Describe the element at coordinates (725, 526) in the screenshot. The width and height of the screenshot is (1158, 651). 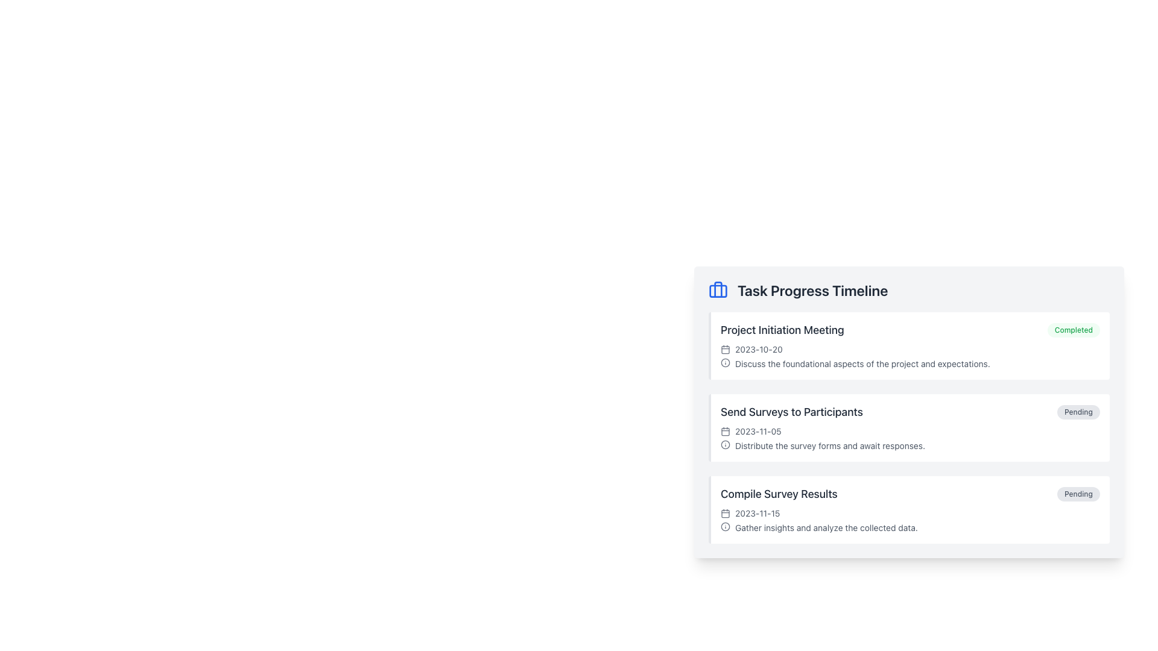
I see `the SVG Circle element that visually signifies the importance of 'Gather insights and analyze the collected data' located next to the 'Compile Survey Results' section in the 'Task Progress Timeline'` at that location.